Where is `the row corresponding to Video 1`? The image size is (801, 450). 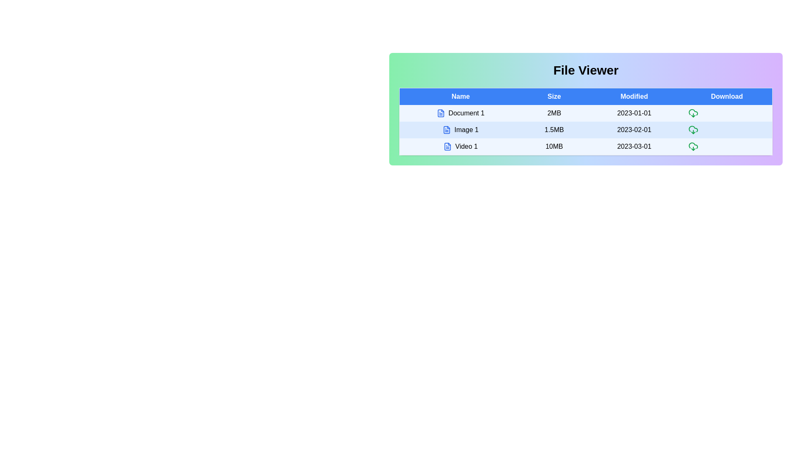 the row corresponding to Video 1 is located at coordinates (460, 146).